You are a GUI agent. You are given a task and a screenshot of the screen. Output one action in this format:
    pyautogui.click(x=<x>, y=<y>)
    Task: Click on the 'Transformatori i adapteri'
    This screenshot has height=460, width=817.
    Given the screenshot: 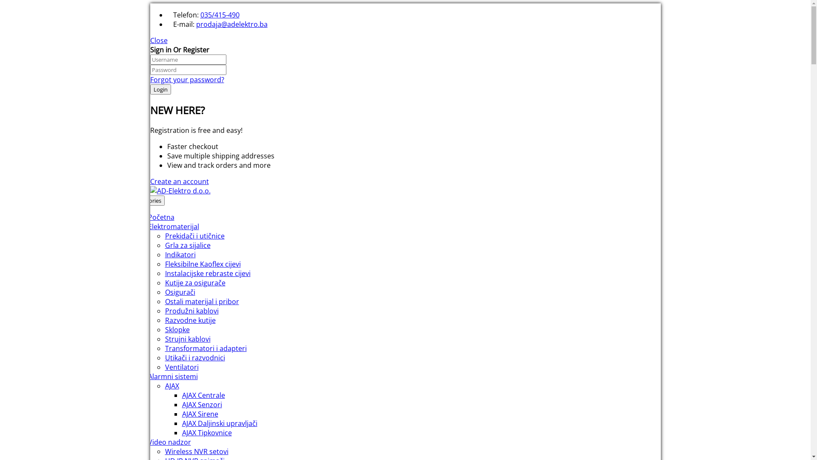 What is the action you would take?
    pyautogui.click(x=206, y=348)
    